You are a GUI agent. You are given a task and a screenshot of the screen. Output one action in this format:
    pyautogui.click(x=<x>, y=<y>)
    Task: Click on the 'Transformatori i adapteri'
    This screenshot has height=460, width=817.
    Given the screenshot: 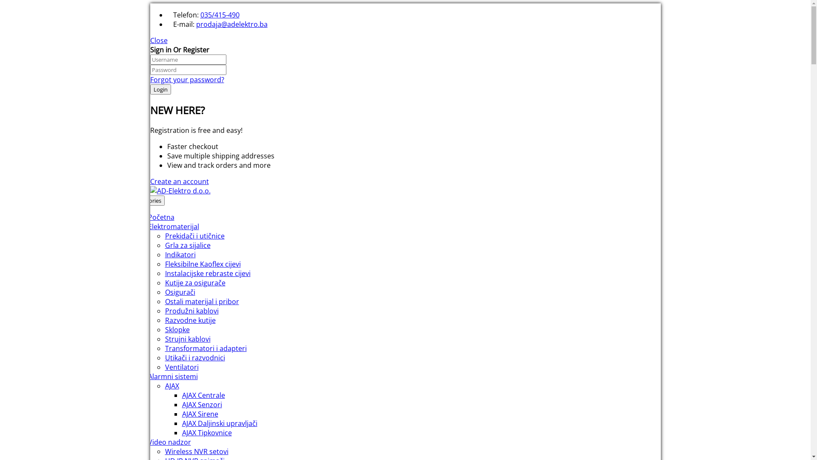 What is the action you would take?
    pyautogui.click(x=206, y=348)
    